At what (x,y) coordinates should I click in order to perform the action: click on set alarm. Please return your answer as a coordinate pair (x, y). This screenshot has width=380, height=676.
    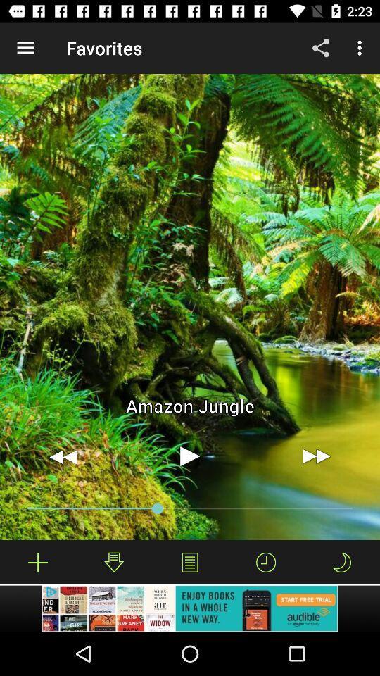
    Looking at the image, I should click on (266, 562).